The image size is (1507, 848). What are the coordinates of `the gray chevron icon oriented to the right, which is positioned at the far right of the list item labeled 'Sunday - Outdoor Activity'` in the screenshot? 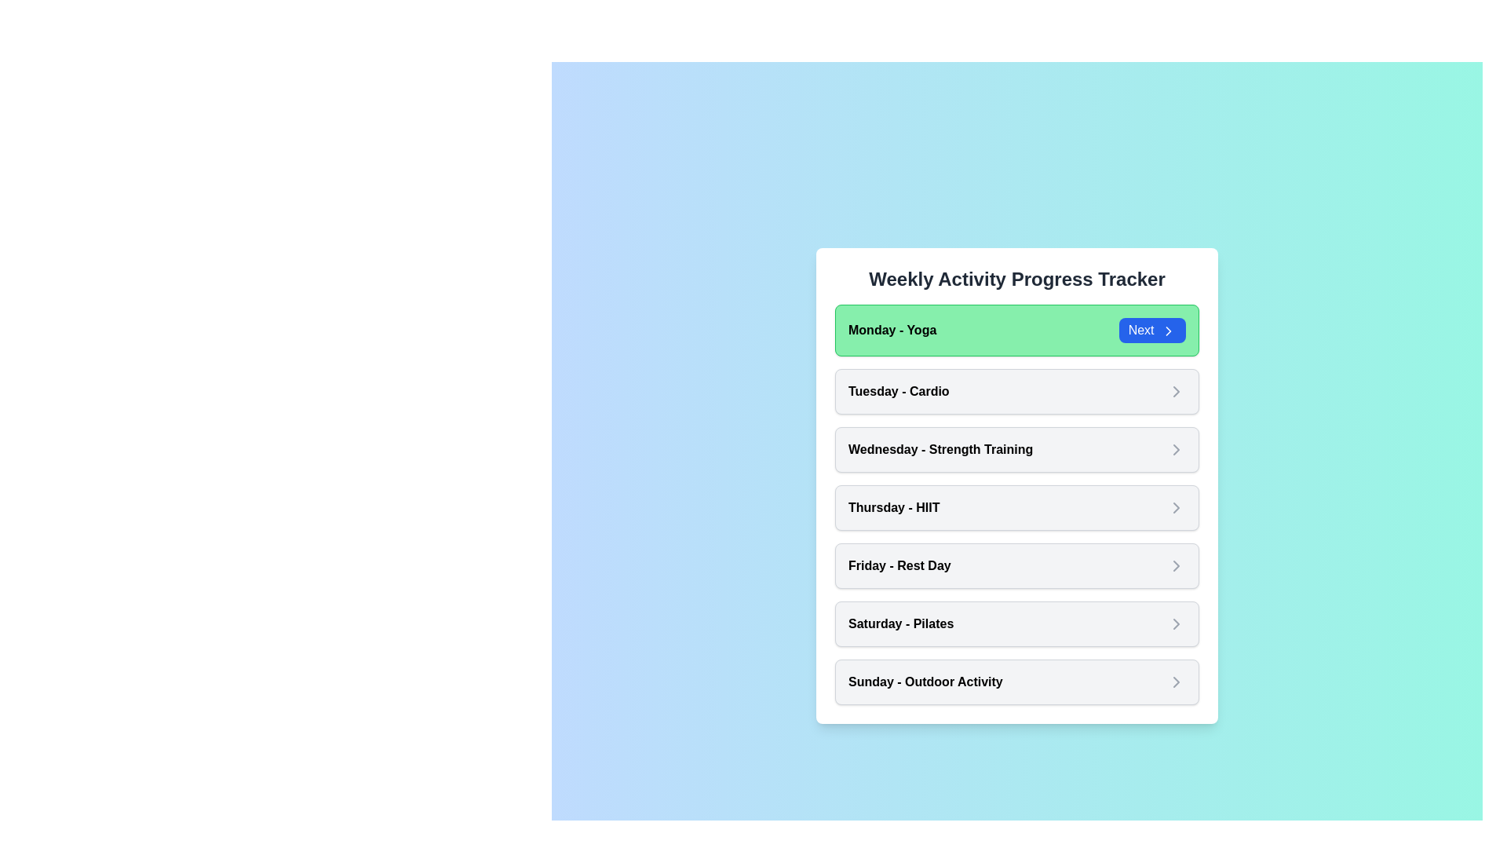 It's located at (1176, 681).